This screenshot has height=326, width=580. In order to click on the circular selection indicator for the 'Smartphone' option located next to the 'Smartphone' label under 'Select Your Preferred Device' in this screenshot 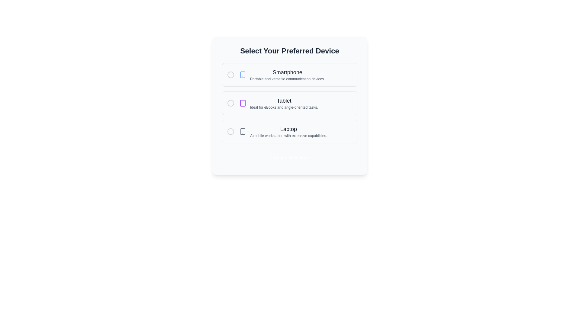, I will do `click(230, 74)`.